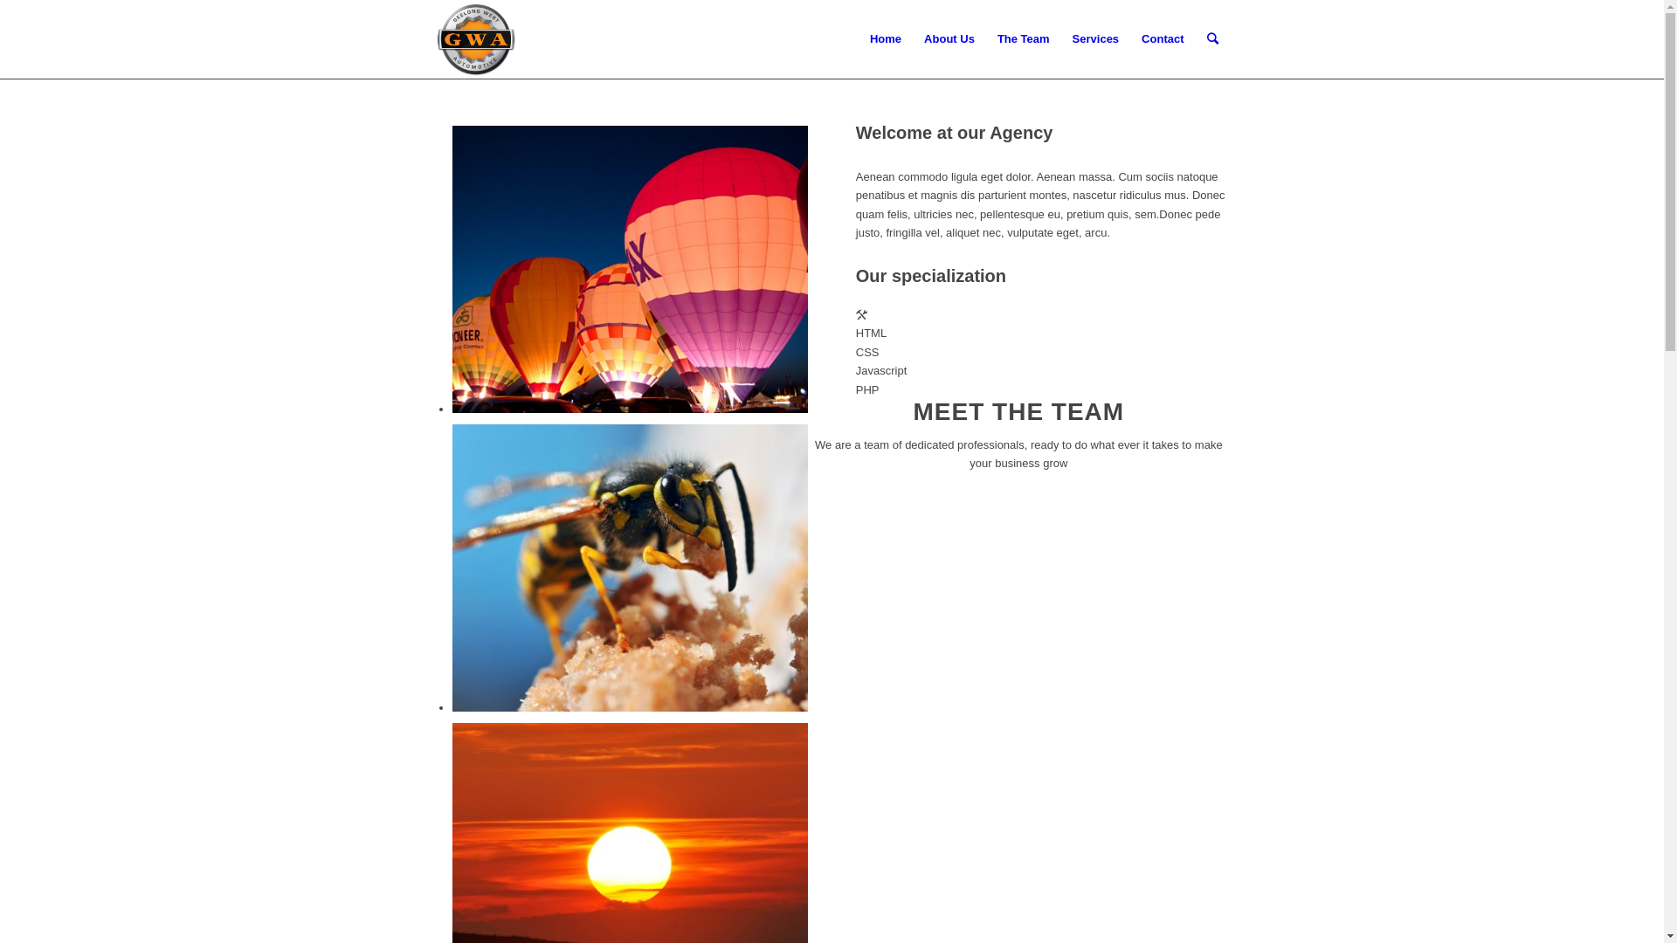 This screenshot has height=943, width=1677. Describe the element at coordinates (912, 39) in the screenshot. I see `'About Us'` at that location.